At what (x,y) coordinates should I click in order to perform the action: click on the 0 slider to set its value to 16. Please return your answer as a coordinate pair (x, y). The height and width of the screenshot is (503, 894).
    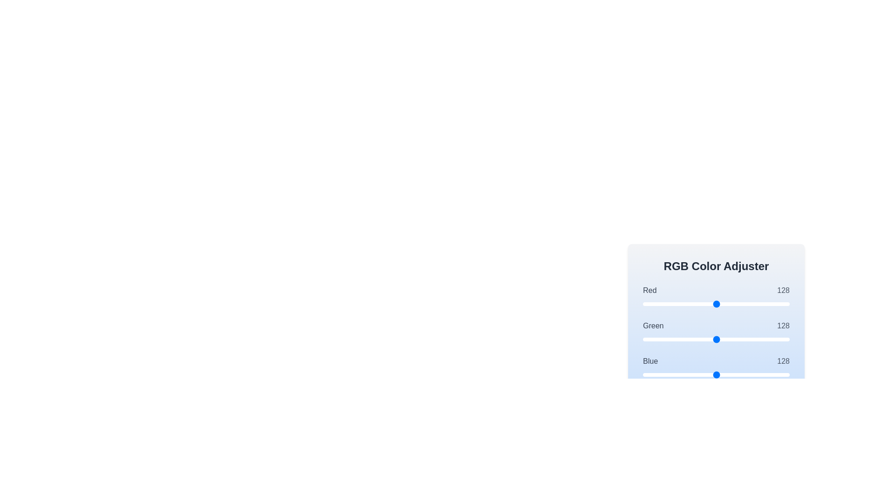
    Looking at the image, I should click on (651, 304).